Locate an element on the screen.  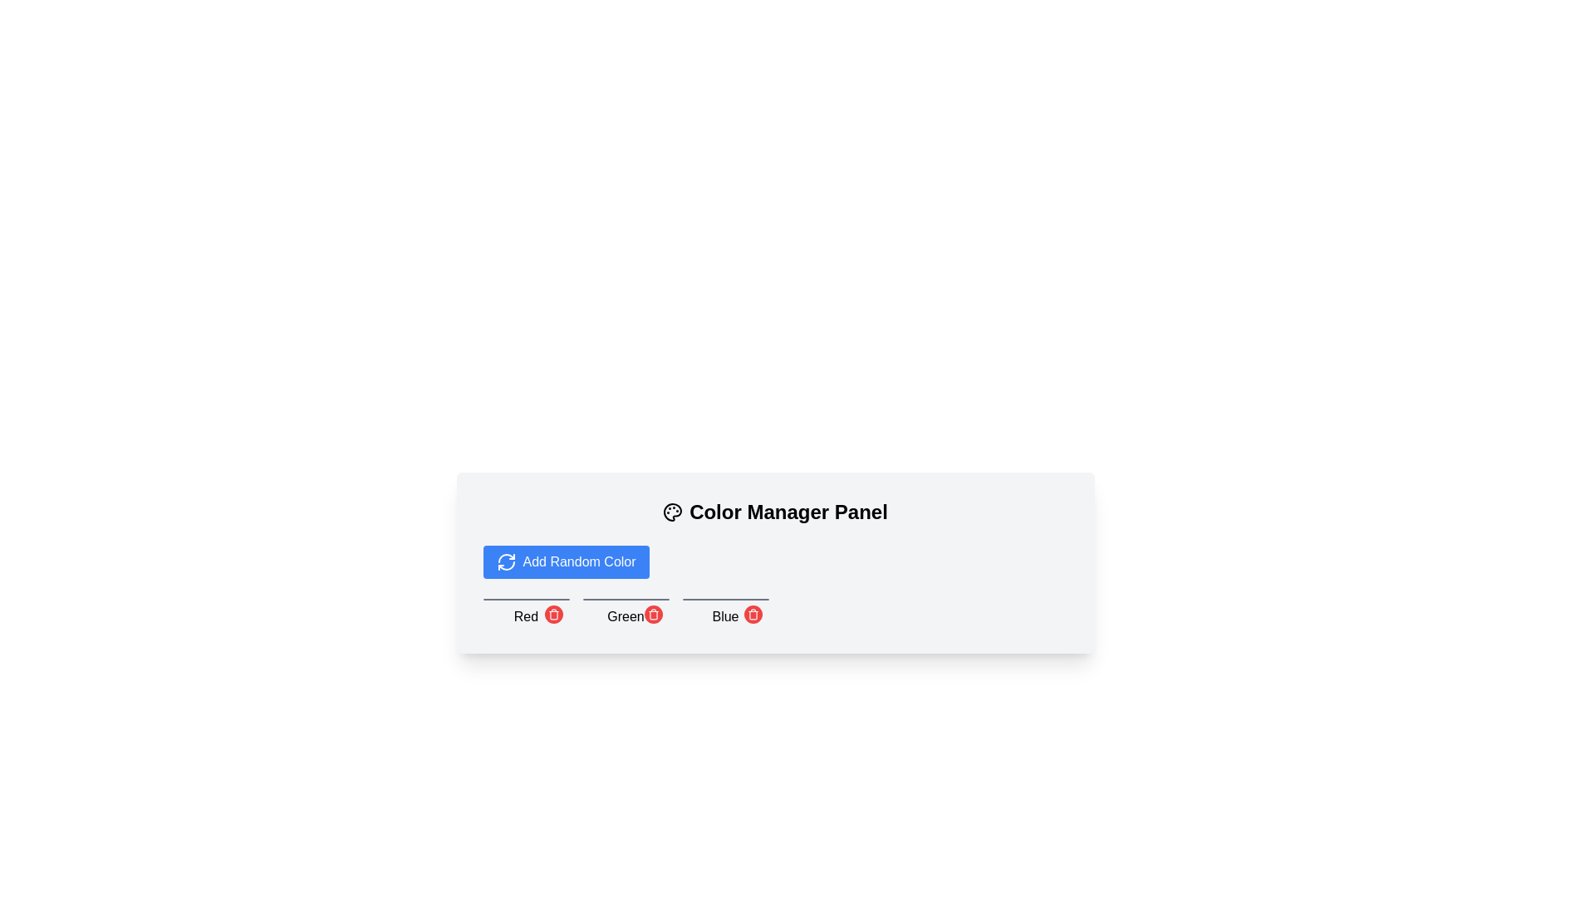
the decorative icon positioned to the left of the 'Color Manager Panel' title text is located at coordinates (673, 512).